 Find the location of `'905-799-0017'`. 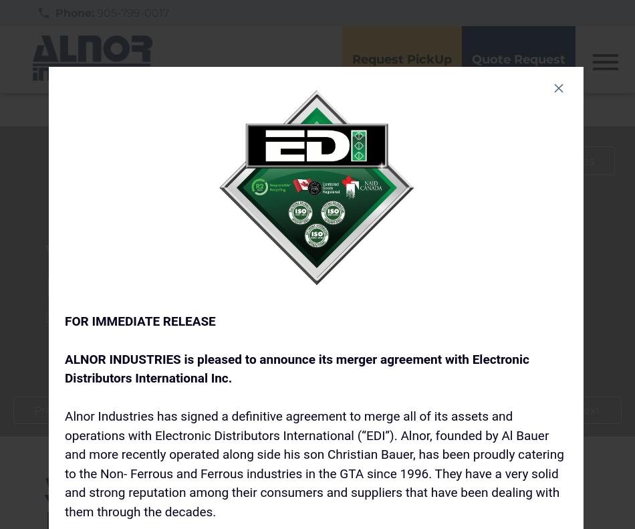

'905-799-0017' is located at coordinates (130, 12).